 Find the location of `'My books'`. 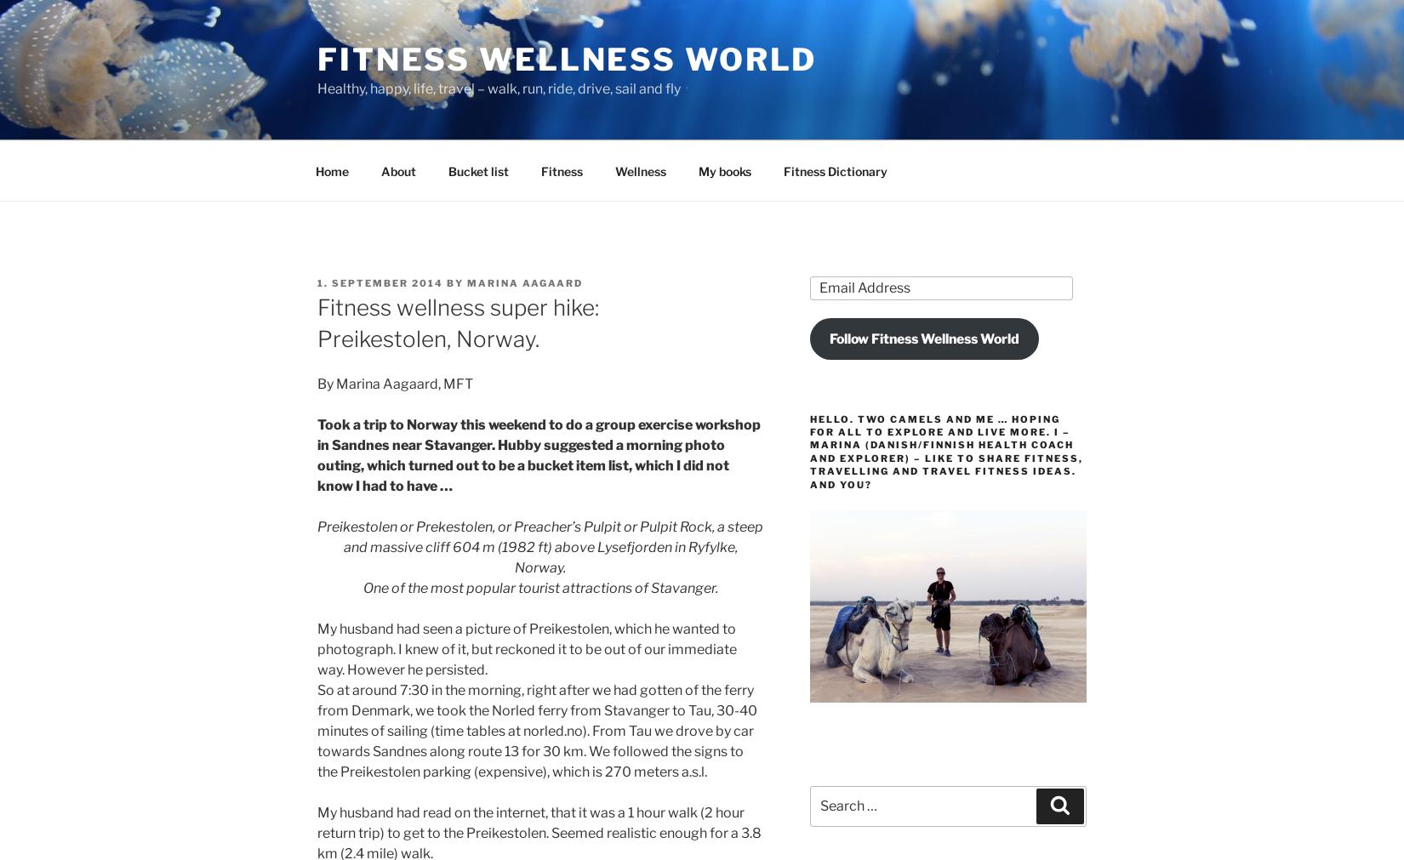

'My books' is located at coordinates (724, 170).